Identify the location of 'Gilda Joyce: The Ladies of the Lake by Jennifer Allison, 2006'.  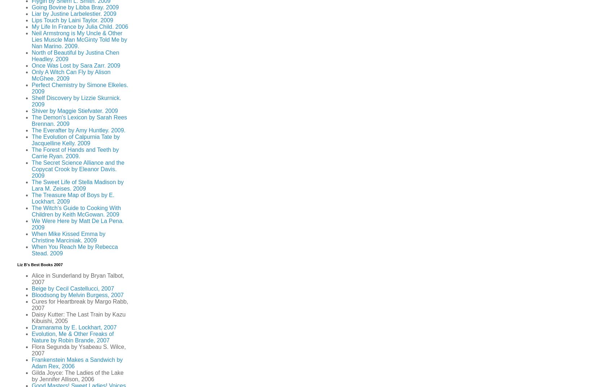
(77, 376).